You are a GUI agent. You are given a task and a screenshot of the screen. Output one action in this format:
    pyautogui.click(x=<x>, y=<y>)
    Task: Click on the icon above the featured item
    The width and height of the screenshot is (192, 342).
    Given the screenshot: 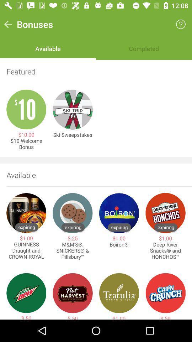 What is the action you would take?
    pyautogui.click(x=181, y=24)
    